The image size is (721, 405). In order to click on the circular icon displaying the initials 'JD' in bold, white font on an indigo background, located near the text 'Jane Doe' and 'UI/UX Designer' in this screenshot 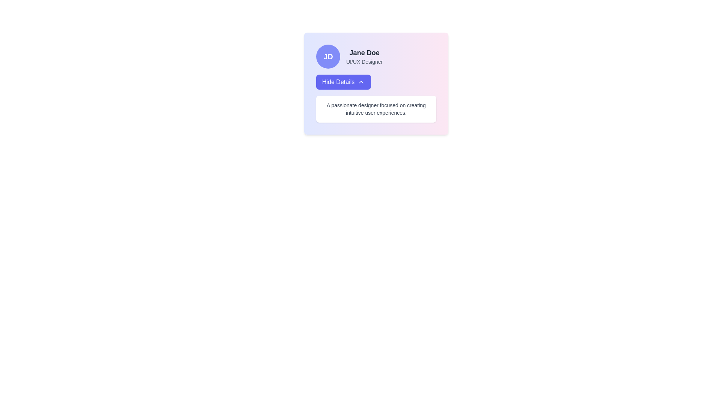, I will do `click(328, 56)`.